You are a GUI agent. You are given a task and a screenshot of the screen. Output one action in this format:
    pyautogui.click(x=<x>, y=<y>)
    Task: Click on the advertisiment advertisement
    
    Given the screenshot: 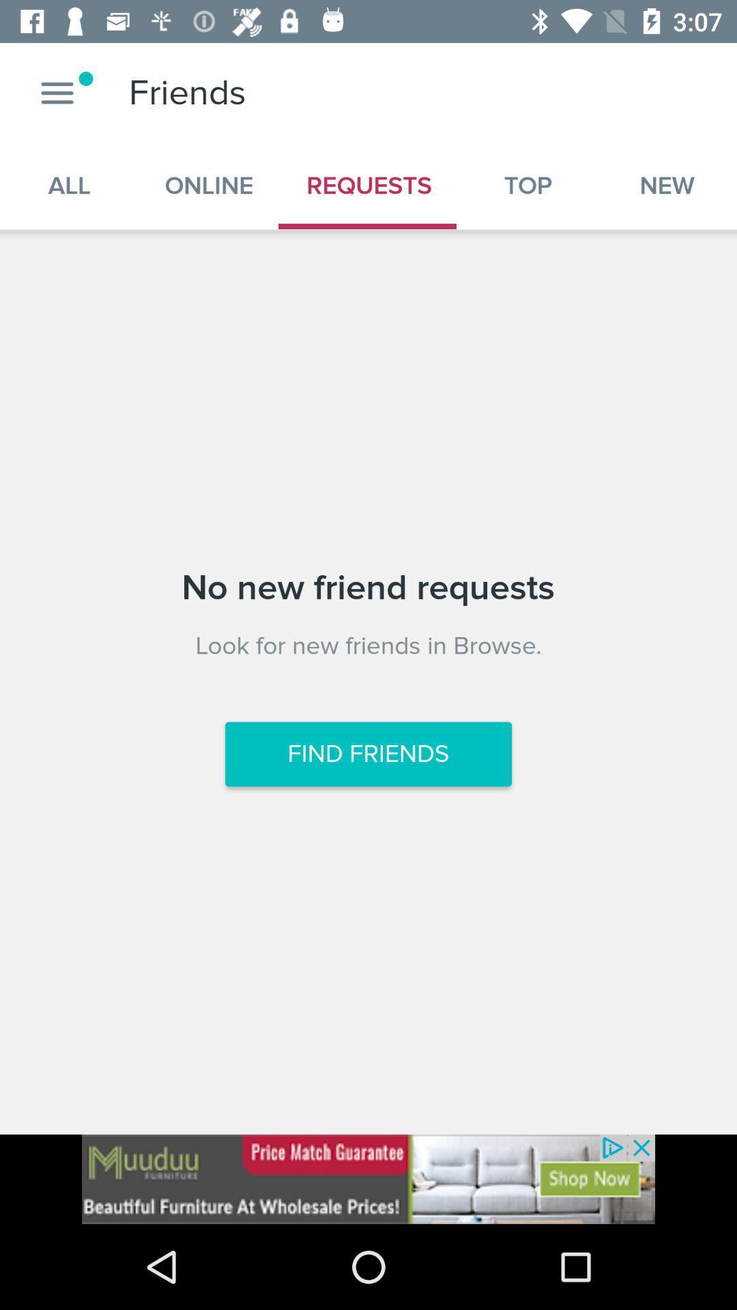 What is the action you would take?
    pyautogui.click(x=369, y=1178)
    